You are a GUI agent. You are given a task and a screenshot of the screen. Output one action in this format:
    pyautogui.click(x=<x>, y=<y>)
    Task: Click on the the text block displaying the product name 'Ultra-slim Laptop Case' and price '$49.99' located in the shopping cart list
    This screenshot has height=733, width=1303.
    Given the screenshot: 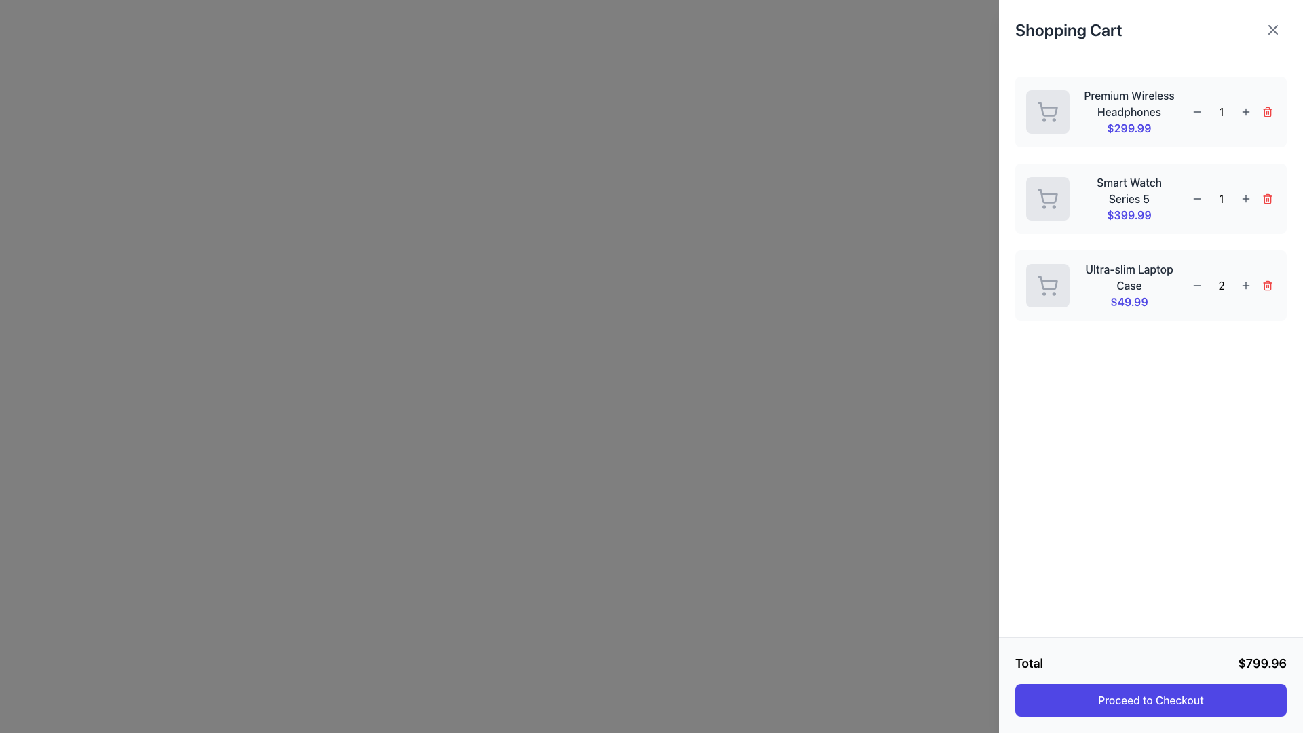 What is the action you would take?
    pyautogui.click(x=1129, y=284)
    